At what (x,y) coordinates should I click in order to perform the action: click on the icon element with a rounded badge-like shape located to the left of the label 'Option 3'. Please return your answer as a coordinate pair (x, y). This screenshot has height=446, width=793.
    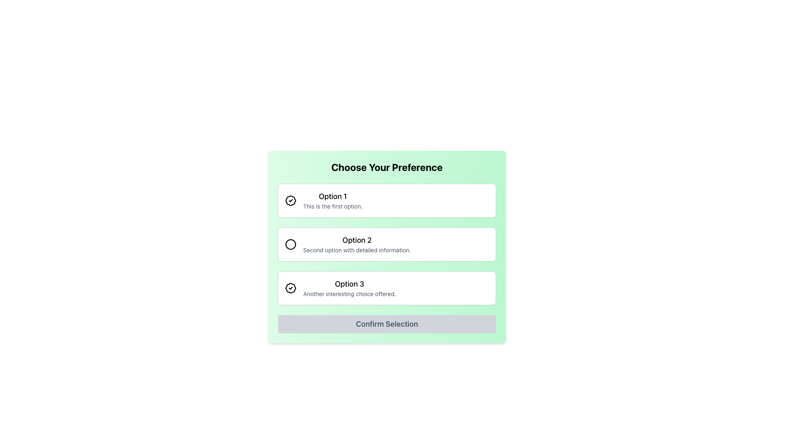
    Looking at the image, I should click on (291, 288).